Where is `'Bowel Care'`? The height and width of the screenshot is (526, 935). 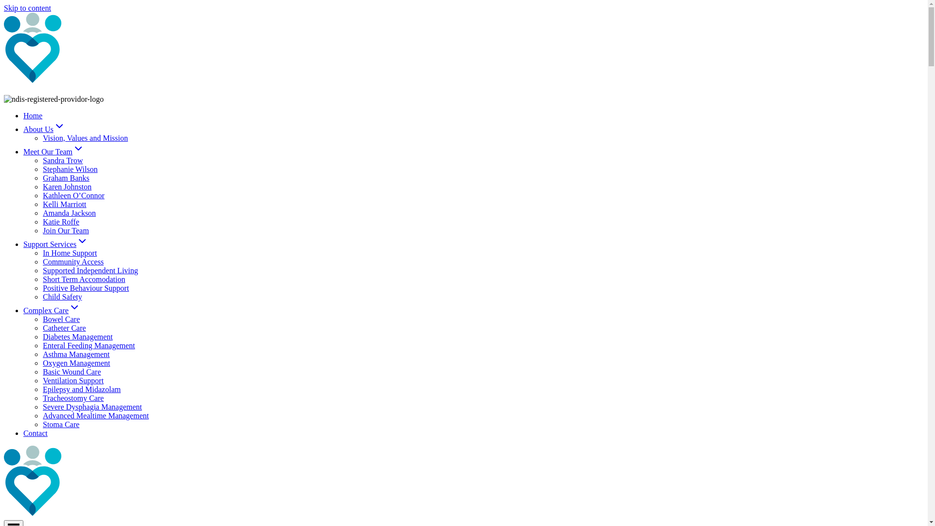 'Bowel Care' is located at coordinates (60, 319).